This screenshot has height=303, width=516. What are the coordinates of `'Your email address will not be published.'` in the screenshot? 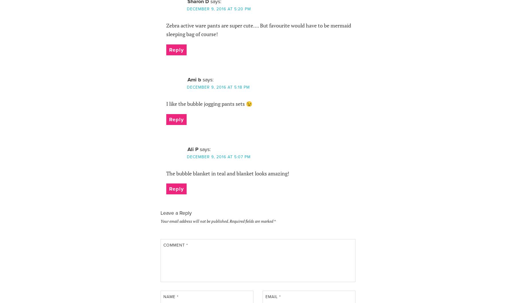 It's located at (194, 221).